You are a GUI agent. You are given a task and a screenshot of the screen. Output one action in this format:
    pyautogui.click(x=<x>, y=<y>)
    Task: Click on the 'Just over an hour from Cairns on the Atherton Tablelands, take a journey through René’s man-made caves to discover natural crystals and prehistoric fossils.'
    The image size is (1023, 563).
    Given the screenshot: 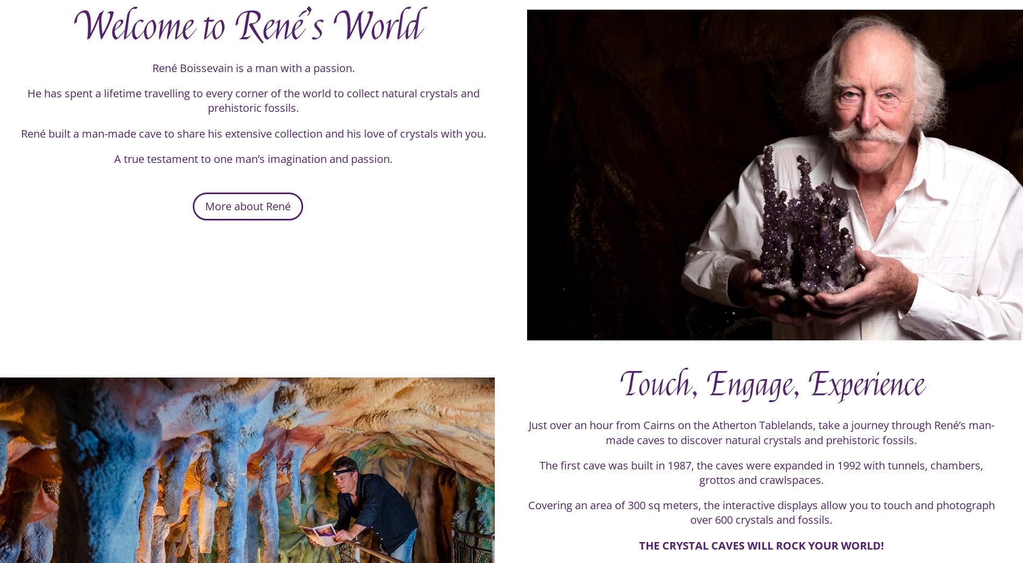 What is the action you would take?
    pyautogui.click(x=760, y=440)
    